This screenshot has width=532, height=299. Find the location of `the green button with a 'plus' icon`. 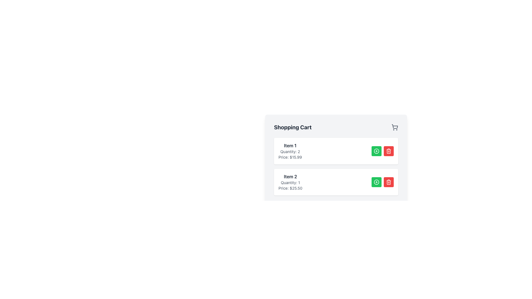

the green button with a 'plus' icon is located at coordinates (382, 151).